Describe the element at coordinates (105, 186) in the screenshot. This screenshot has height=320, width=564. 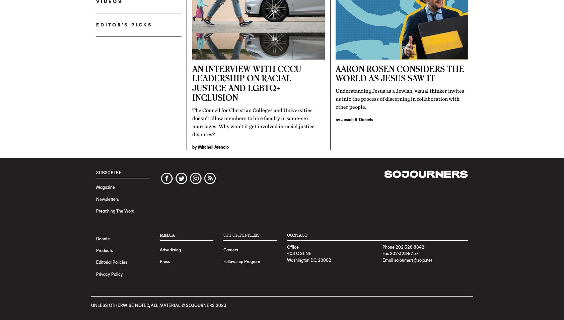
I see `'Magazine'` at that location.